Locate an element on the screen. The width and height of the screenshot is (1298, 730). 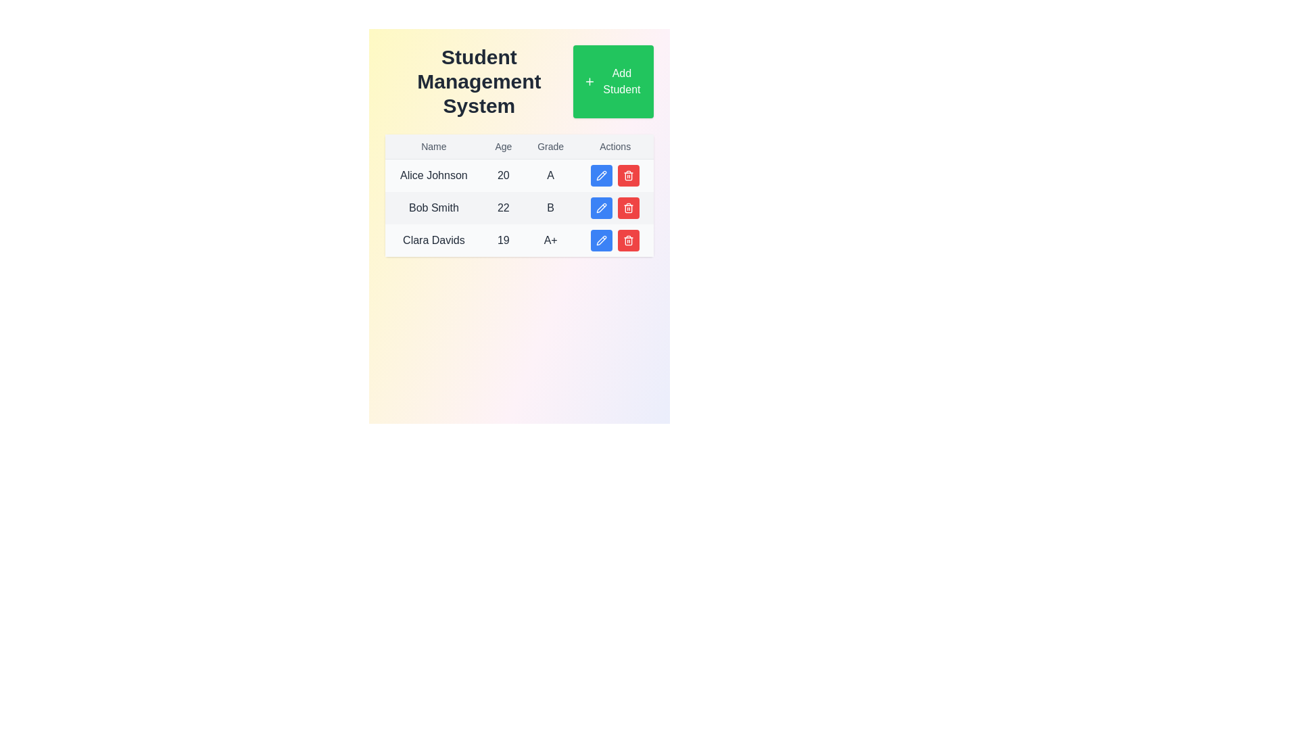
the pencil-shaped edit icon within the blue rectangular button in the second row of the table, adjacent to the 'Bob Smith' entry is located at coordinates (600, 174).